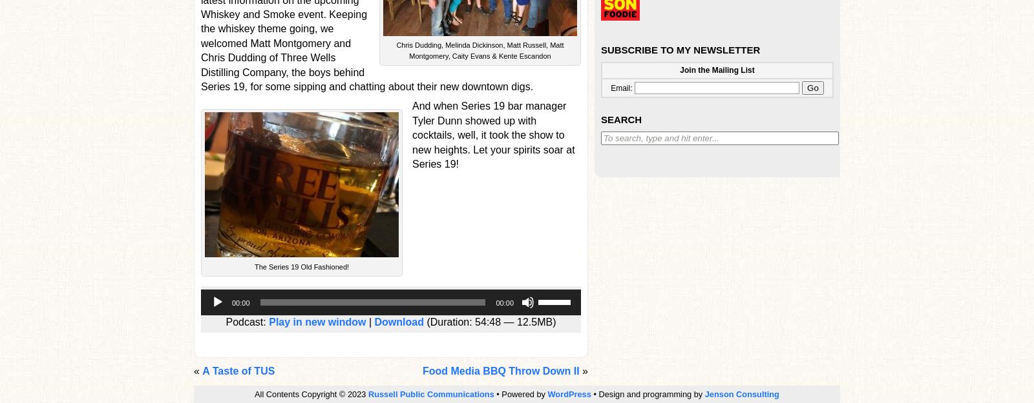 The height and width of the screenshot is (403, 1034). Describe the element at coordinates (396, 49) in the screenshot. I see `'Chris Dudding, Melinda Dickinson, Matt Russell, Matt Montgomery, Caity Evans & Kente Escandon'` at that location.